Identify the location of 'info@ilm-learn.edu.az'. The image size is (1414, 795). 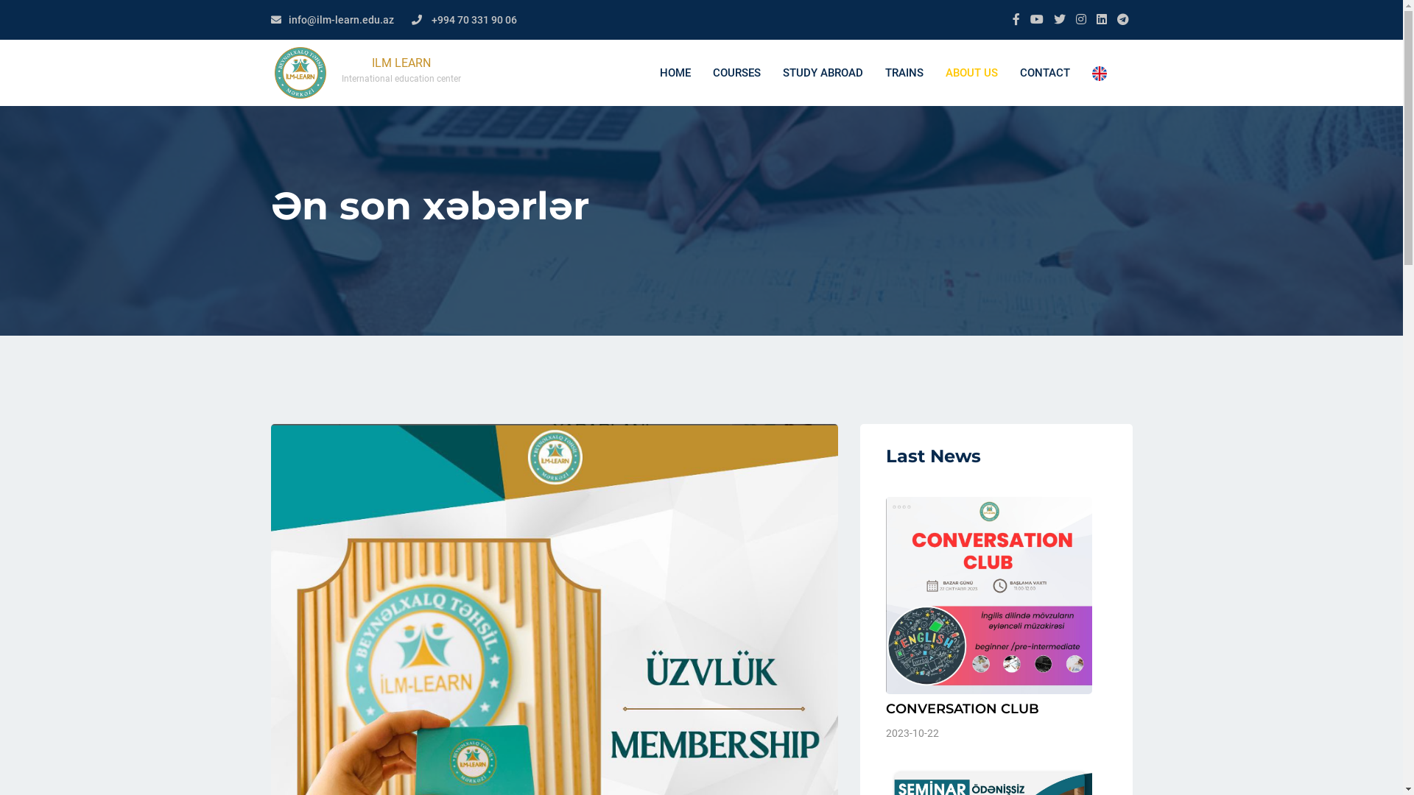
(340, 20).